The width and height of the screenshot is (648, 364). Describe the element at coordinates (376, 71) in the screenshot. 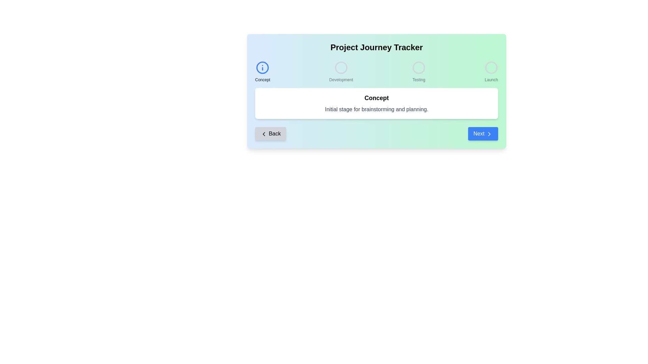

I see `labels of the Progress Indicator located centrally within the 'Project Journey Tracker' panel, which tracks stages of a project: Concept, Development, Testing, and Launch` at that location.